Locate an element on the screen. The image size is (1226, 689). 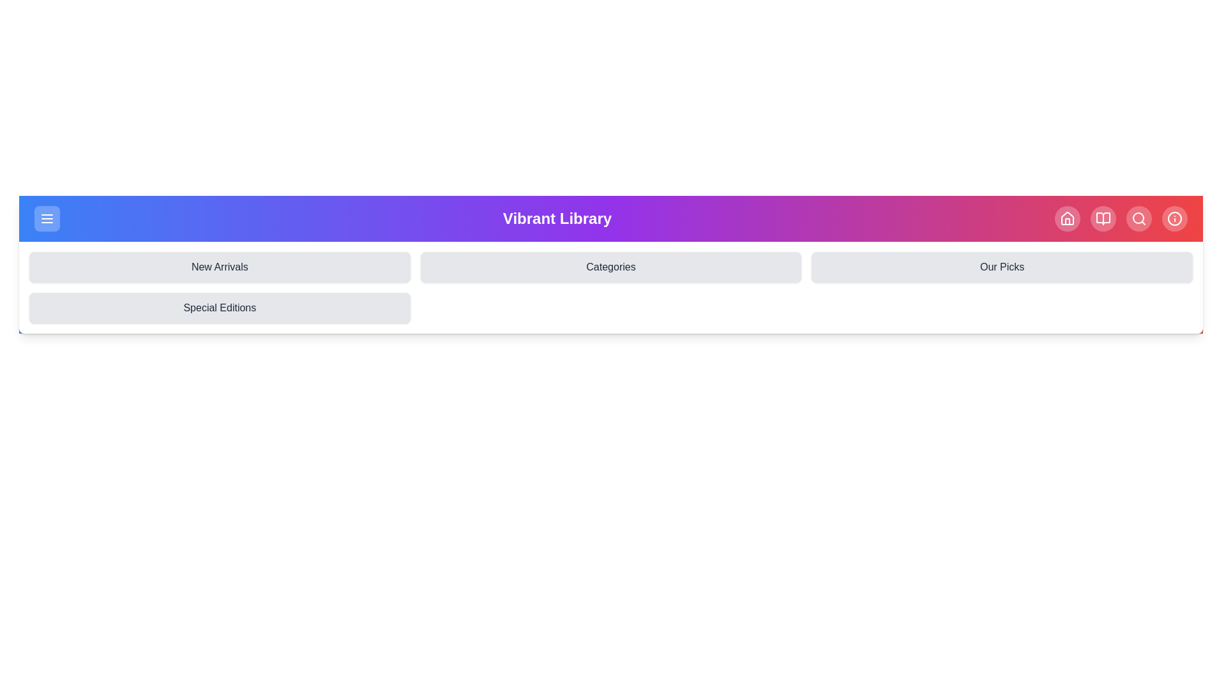
the Our Picks button to activate it is located at coordinates (1001, 267).